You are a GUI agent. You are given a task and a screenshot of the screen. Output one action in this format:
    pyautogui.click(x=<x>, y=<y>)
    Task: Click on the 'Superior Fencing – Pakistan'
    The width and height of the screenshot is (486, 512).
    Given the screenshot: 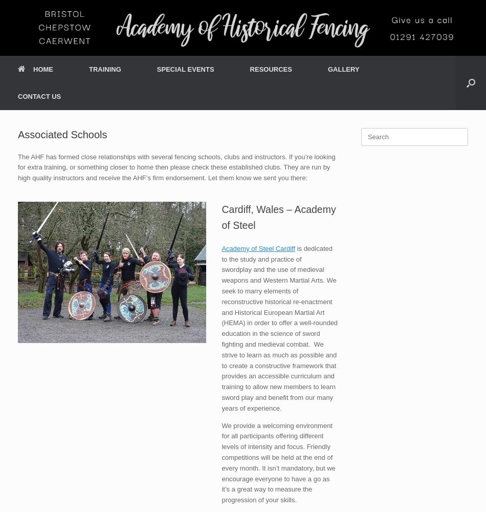 What is the action you would take?
    pyautogui.click(x=373, y=141)
    